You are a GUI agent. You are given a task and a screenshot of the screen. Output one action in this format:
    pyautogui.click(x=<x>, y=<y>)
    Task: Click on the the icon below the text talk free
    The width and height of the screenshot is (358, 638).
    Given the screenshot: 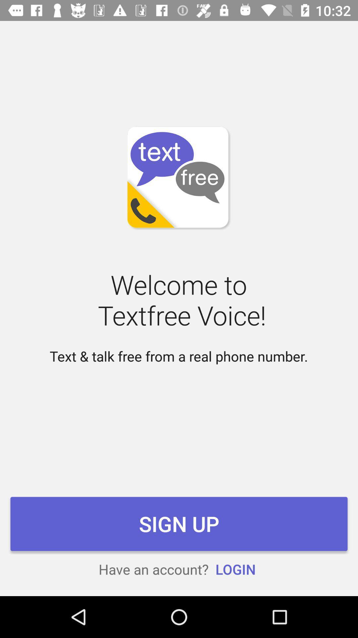 What is the action you would take?
    pyautogui.click(x=179, y=523)
    